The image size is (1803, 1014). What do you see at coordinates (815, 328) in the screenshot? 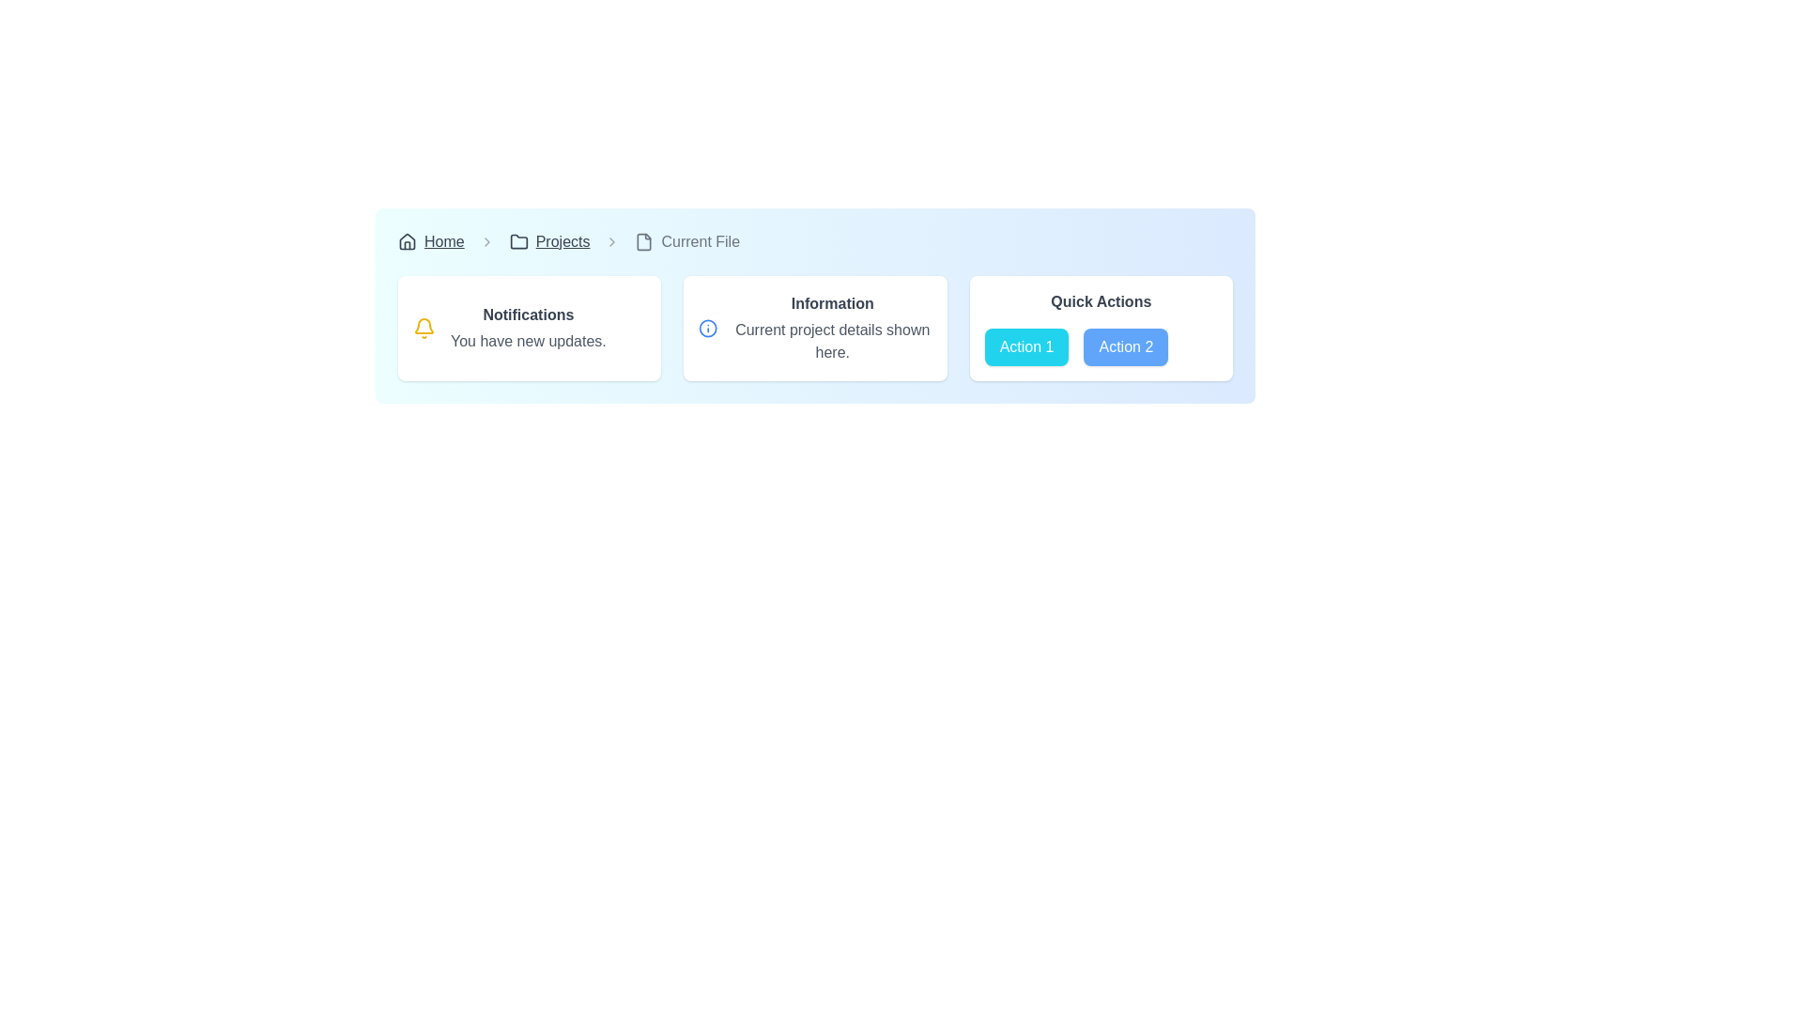
I see `the information section of the grid layout containing informational cards and action buttons` at bounding box center [815, 328].